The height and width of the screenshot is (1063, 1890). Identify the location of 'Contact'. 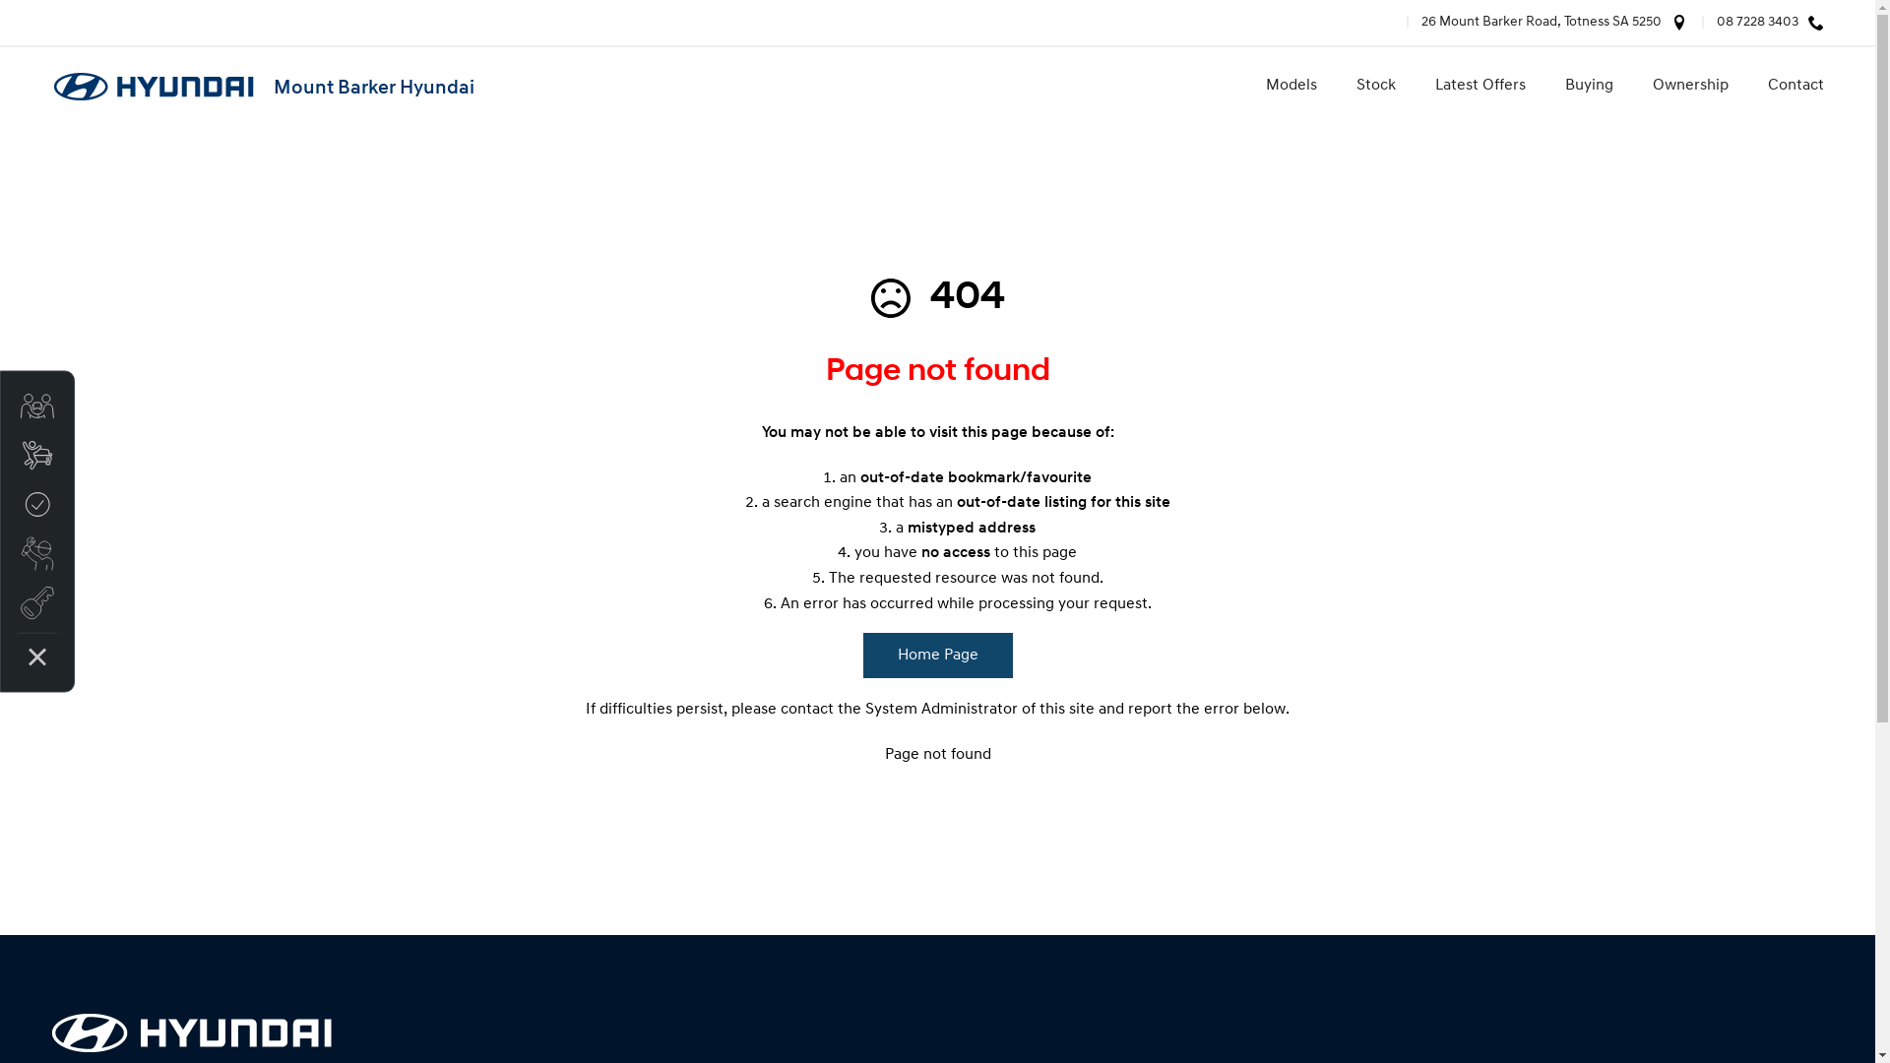
(1786, 86).